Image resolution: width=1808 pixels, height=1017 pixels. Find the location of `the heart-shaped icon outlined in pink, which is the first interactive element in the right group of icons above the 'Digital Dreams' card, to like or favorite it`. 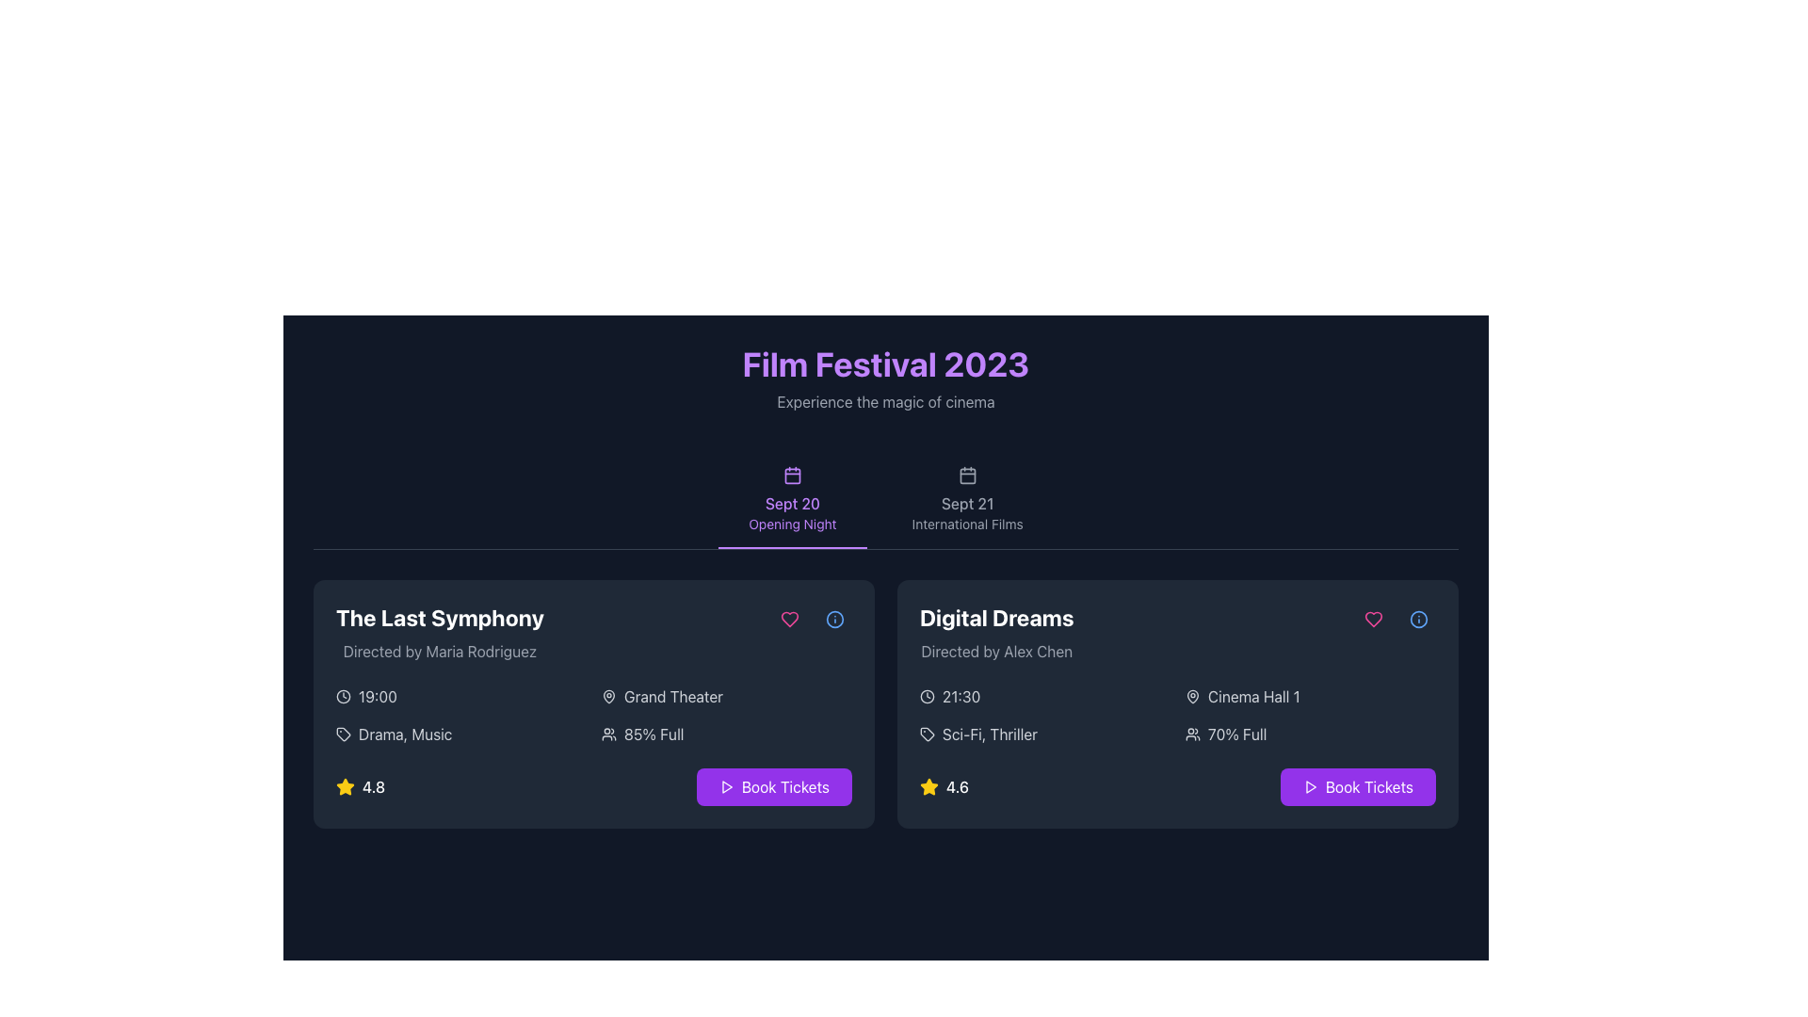

the heart-shaped icon outlined in pink, which is the first interactive element in the right group of icons above the 'Digital Dreams' card, to like or favorite it is located at coordinates (1374, 620).